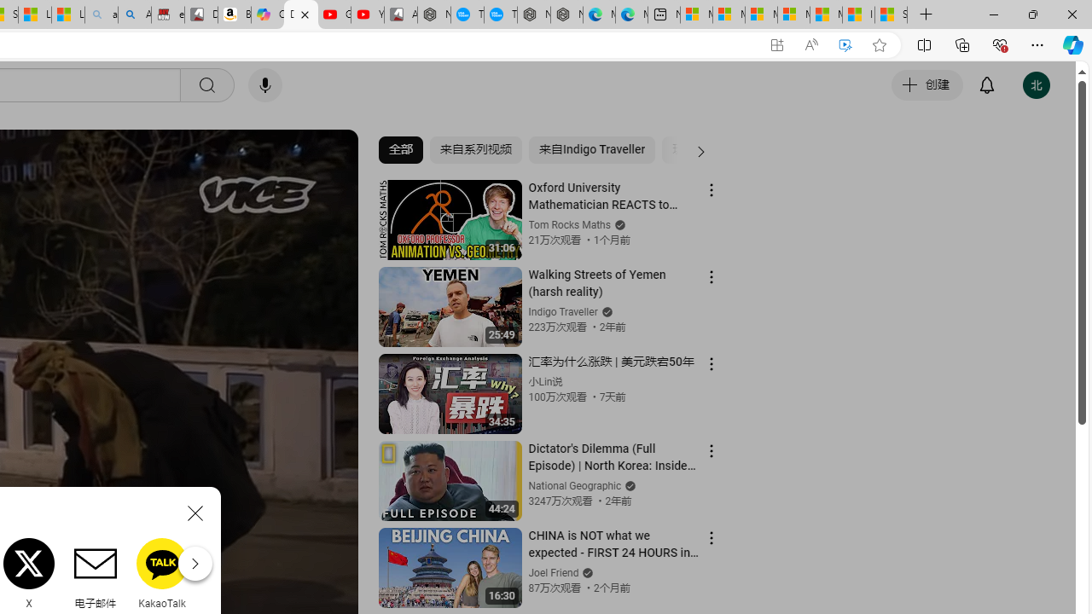 The height and width of the screenshot is (614, 1092). What do you see at coordinates (162, 573) in the screenshot?
I see `'KakaoTalk'` at bounding box center [162, 573].